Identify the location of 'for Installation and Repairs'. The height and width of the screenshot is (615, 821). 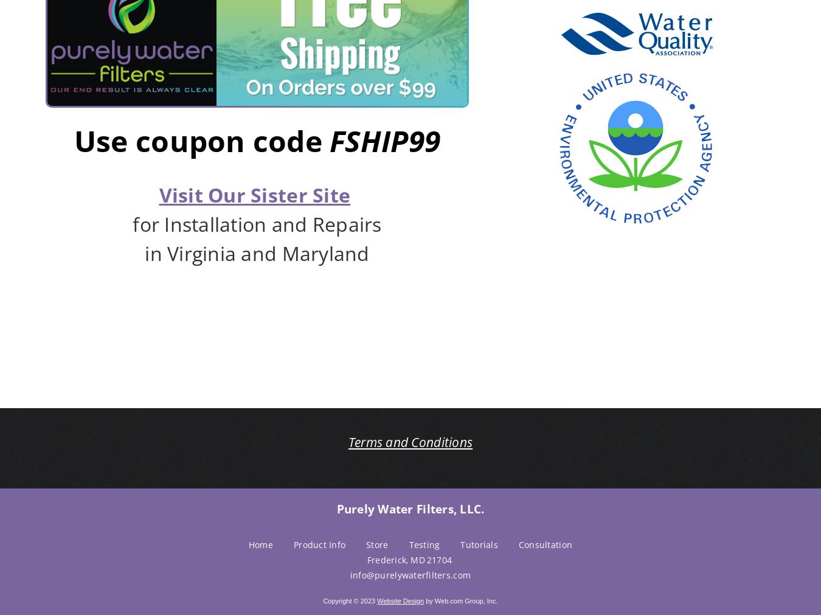
(257, 223).